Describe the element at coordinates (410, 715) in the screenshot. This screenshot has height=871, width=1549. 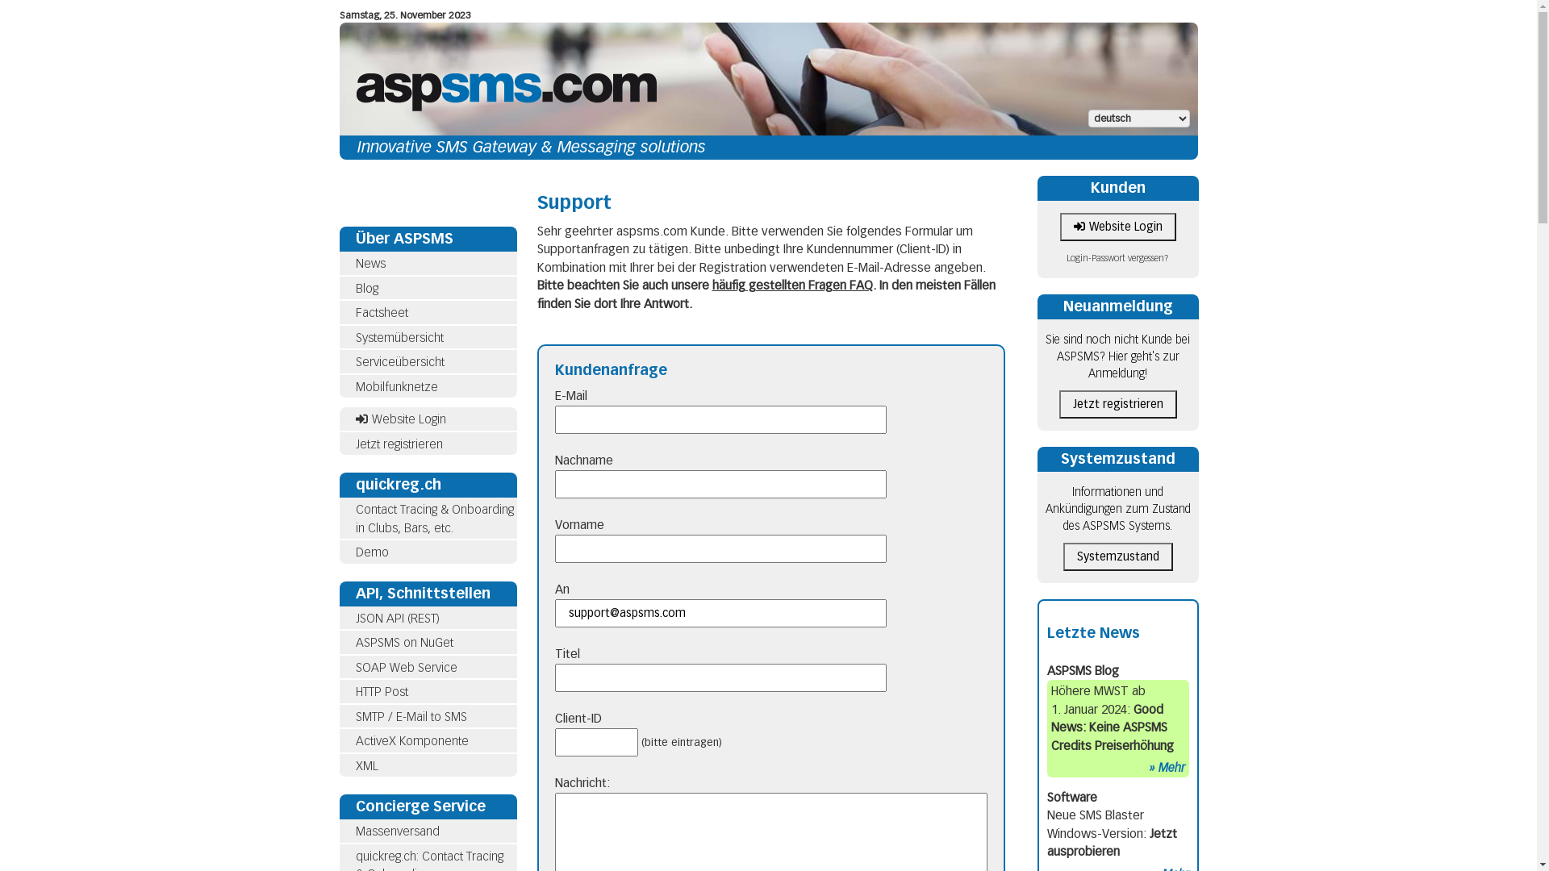
I see `'SMTP / E-Mail to SMS'` at that location.